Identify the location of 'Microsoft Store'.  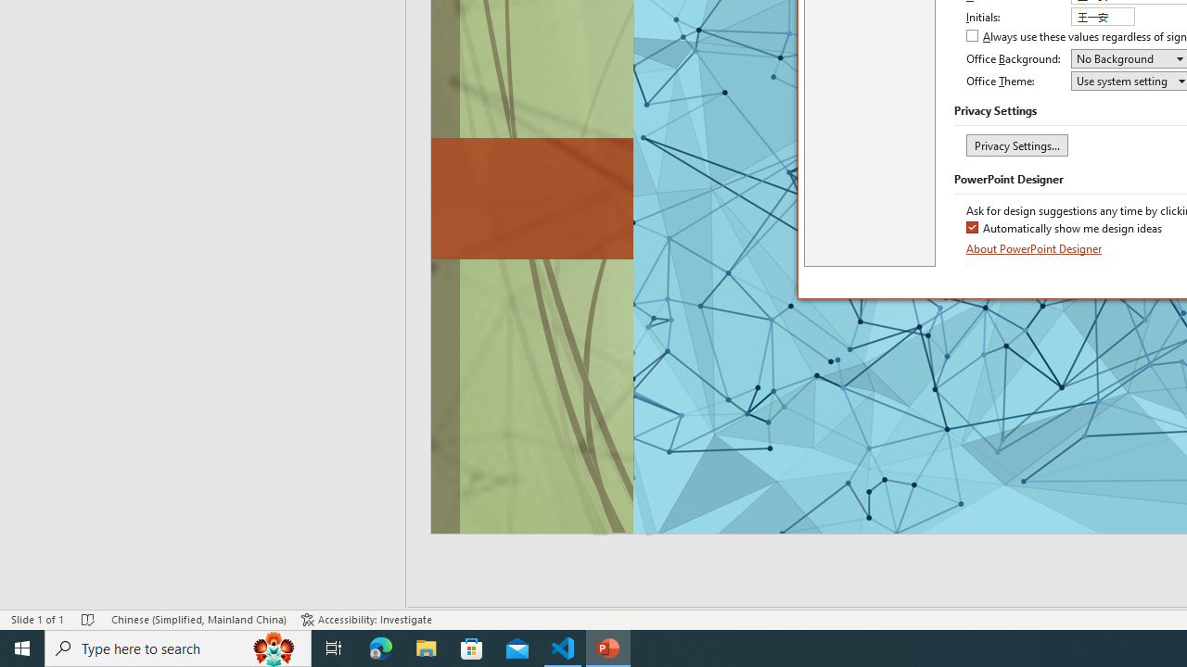
(472, 647).